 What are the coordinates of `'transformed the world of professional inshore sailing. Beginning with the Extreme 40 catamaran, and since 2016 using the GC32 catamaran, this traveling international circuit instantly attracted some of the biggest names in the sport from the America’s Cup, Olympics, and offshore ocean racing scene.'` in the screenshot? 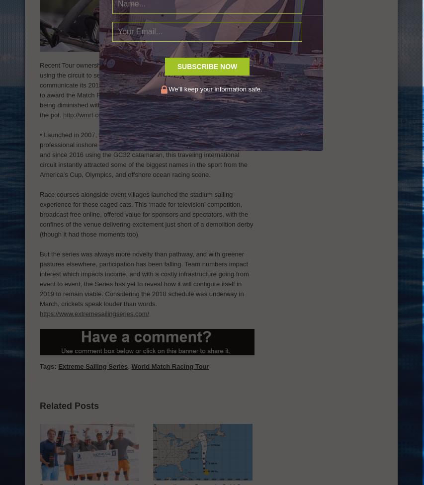 It's located at (144, 154).